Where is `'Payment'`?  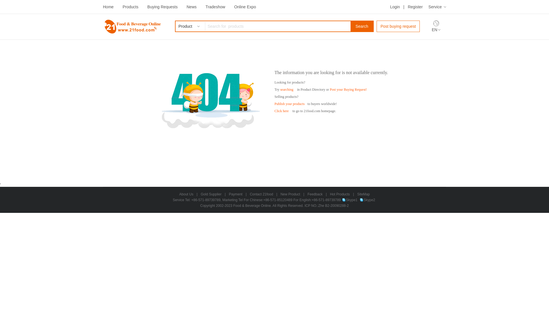
'Payment' is located at coordinates (236, 194).